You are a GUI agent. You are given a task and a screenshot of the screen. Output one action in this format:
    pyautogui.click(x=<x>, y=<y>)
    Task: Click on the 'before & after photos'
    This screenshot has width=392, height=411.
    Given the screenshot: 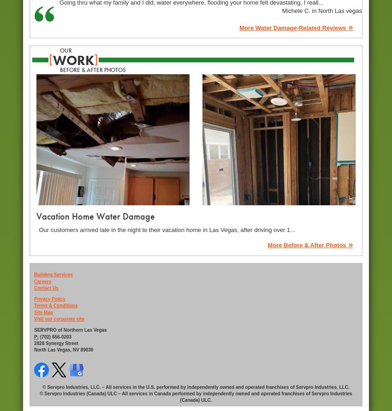 What is the action you would take?
    pyautogui.click(x=92, y=69)
    